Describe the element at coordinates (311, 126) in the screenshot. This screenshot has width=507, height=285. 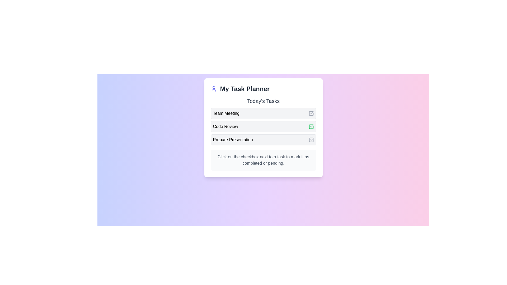
I see `the structural frame of the checkbox located in the green checkbox next to the task named 'Code Review'` at that location.